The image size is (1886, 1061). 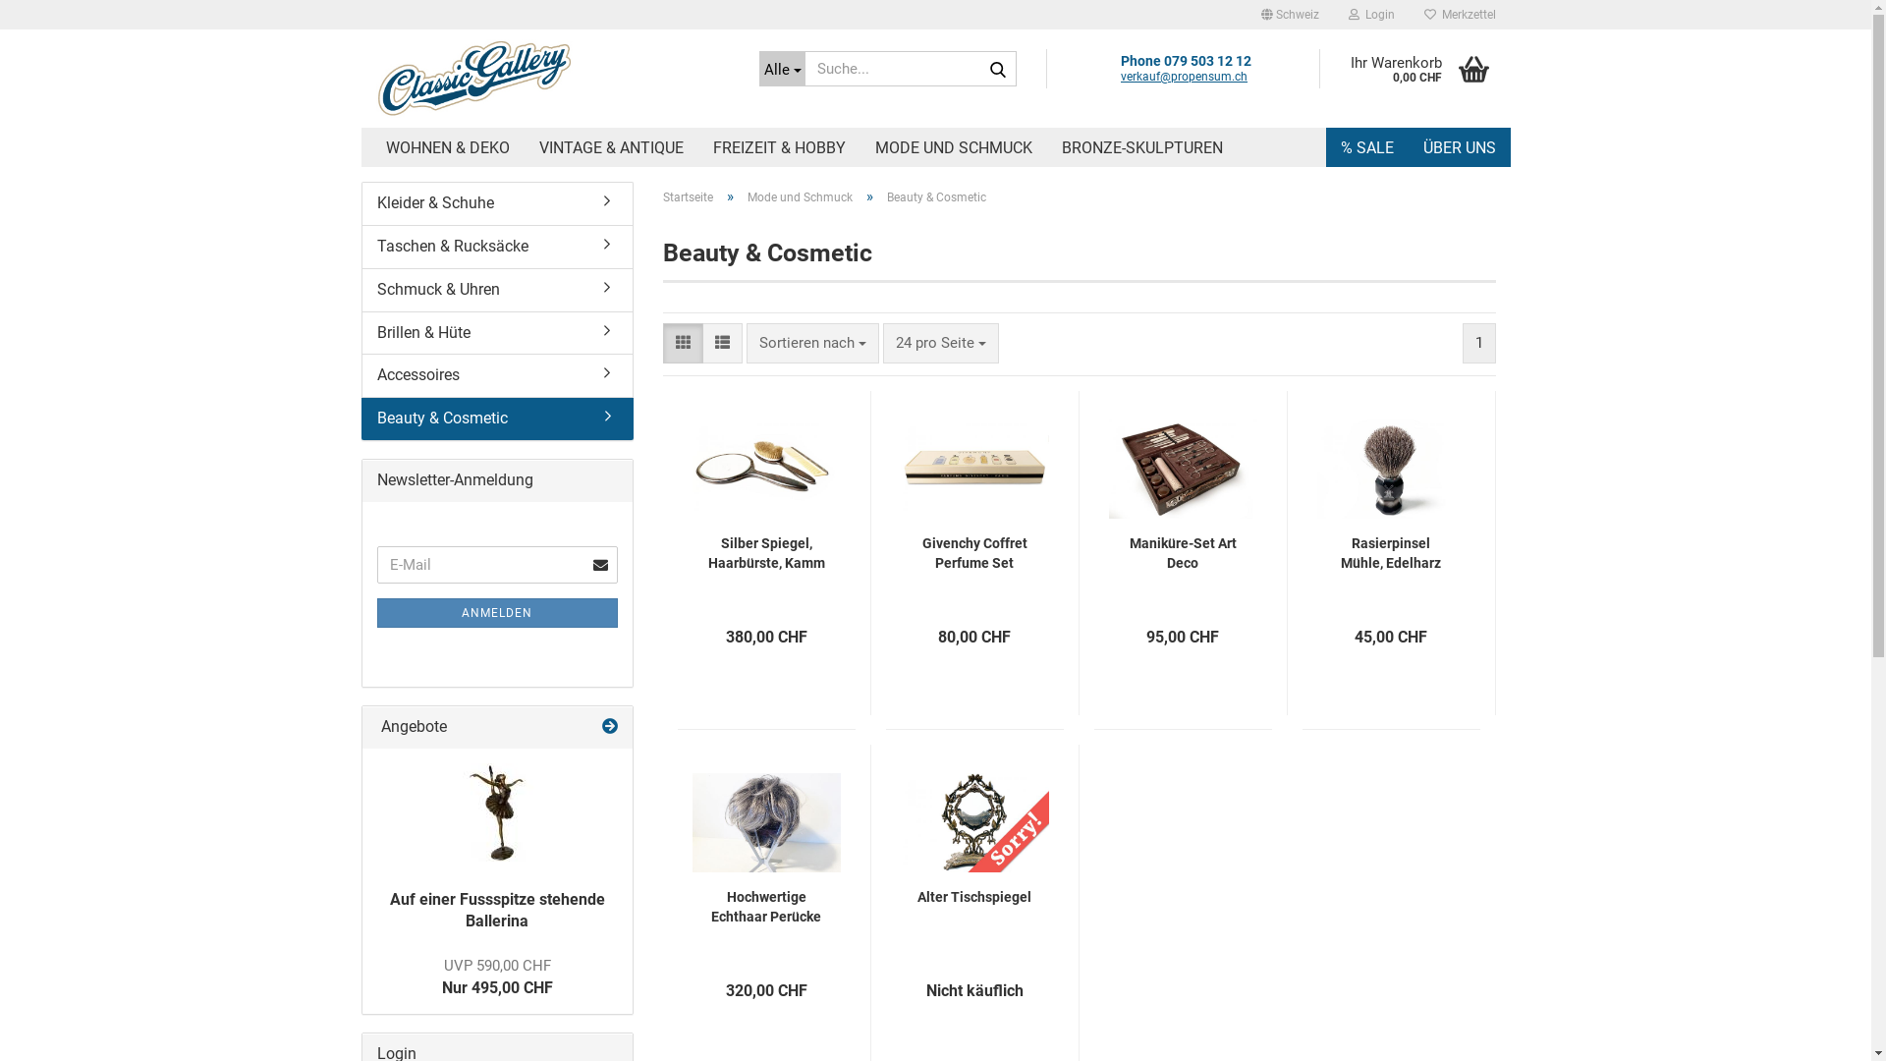 I want to click on '% SALE', so click(x=1366, y=146).